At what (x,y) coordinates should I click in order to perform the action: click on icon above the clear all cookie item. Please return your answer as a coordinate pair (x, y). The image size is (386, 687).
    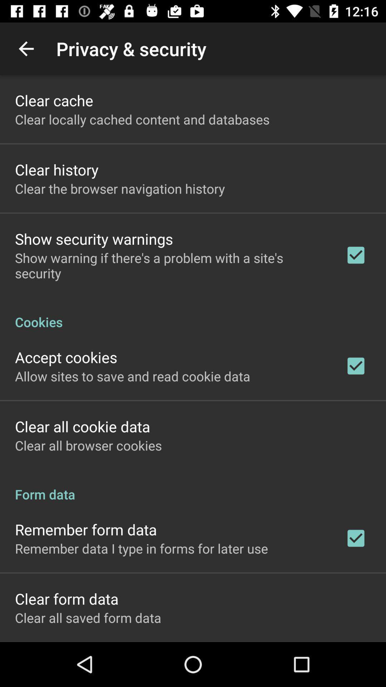
    Looking at the image, I should click on (133, 376).